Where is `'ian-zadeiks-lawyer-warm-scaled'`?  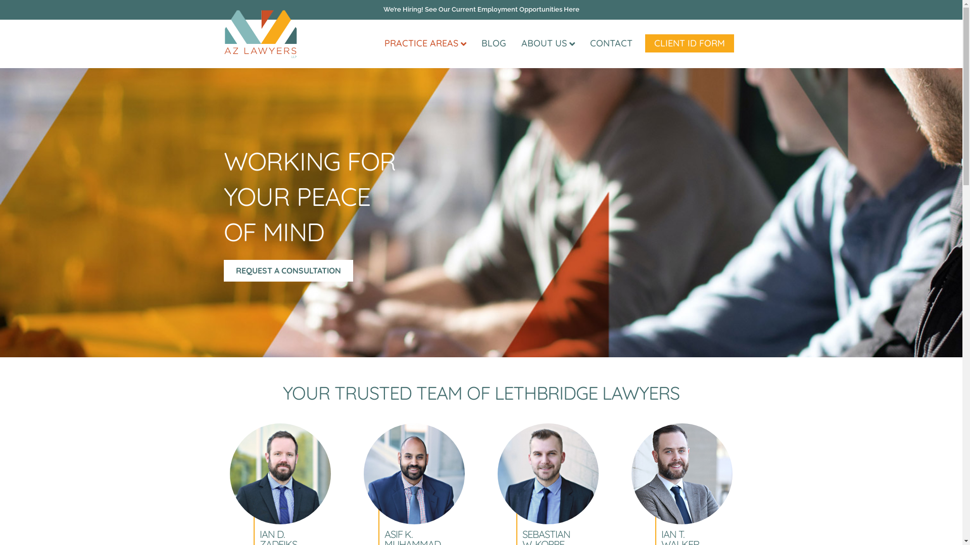 'ian-zadeiks-lawyer-warm-scaled' is located at coordinates (280, 473).